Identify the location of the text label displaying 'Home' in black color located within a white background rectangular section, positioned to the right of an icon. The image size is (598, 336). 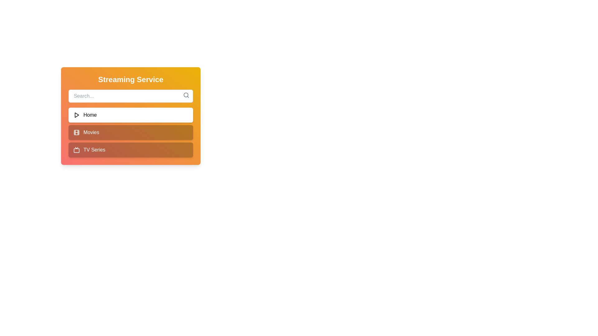
(90, 115).